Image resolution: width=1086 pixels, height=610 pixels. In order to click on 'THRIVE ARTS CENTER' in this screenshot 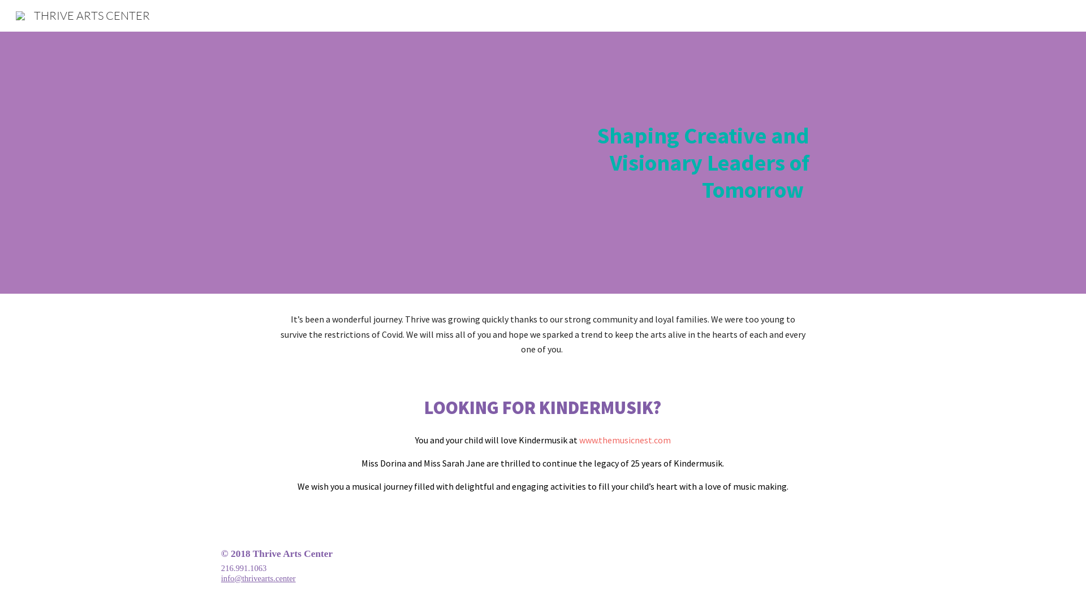, I will do `click(8, 14)`.